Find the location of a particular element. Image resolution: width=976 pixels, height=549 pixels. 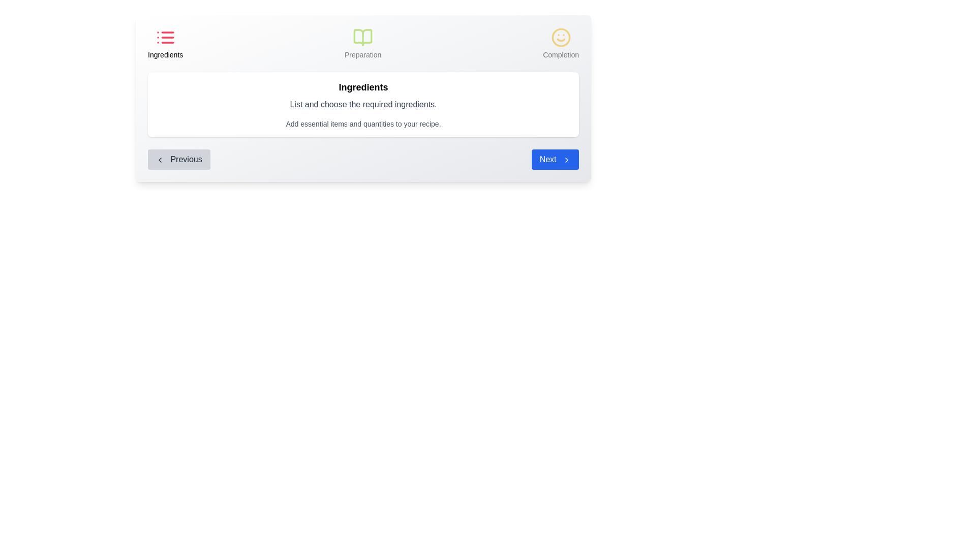

the rectangular 'Next' button located at the bottom-right corner of the interface is located at coordinates (555, 159).